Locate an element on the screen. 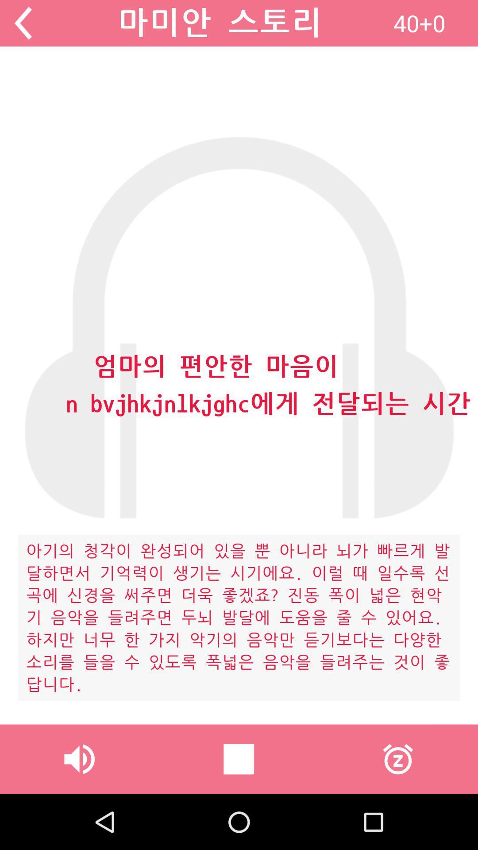 The width and height of the screenshot is (478, 850). the time icon is located at coordinates (397, 812).